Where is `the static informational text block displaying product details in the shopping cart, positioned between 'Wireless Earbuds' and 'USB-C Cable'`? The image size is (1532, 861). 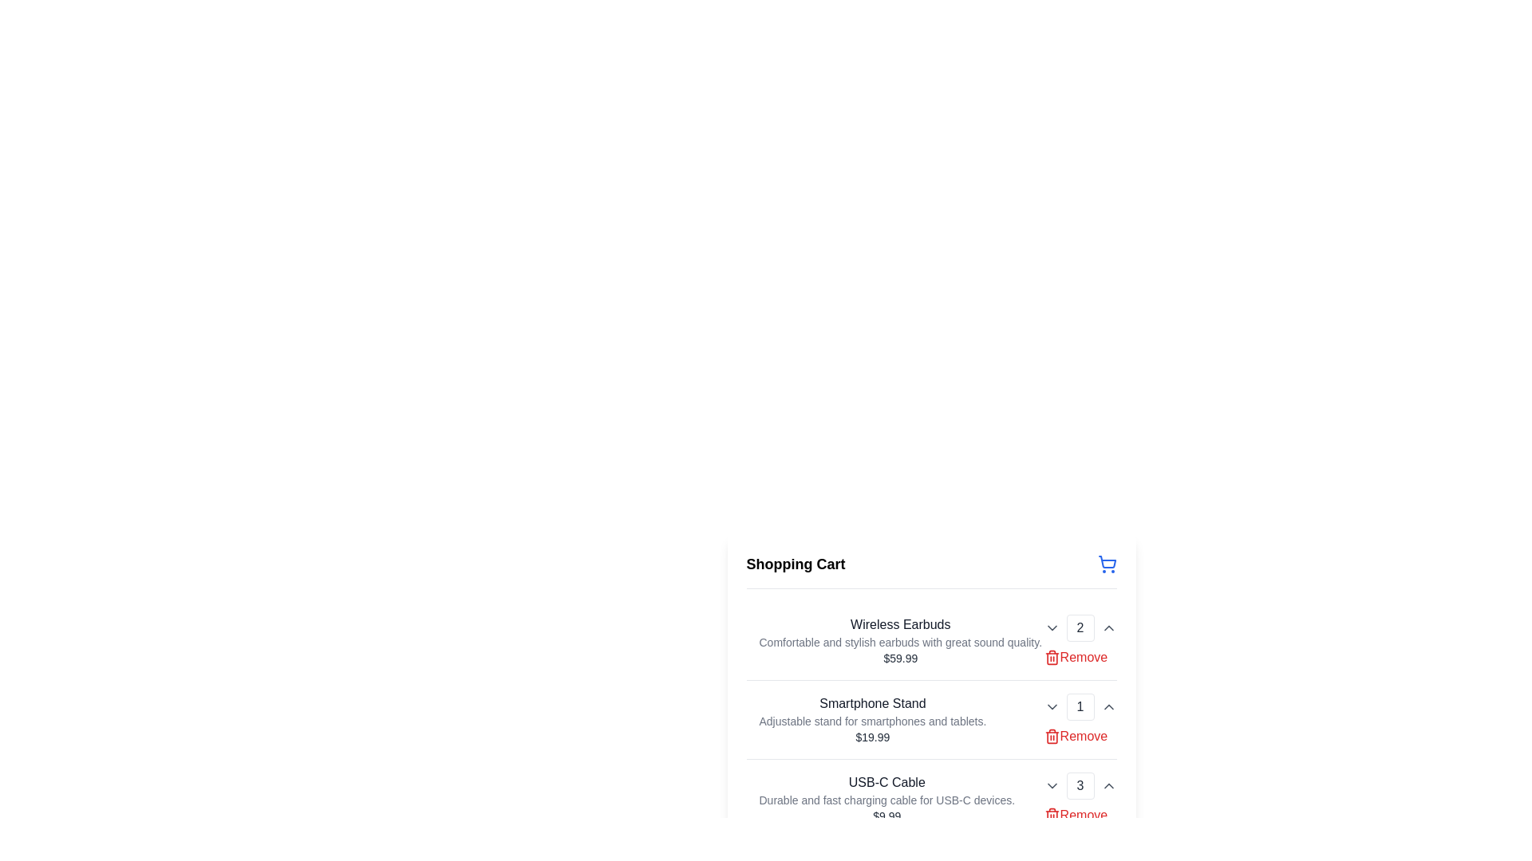 the static informational text block displaying product details in the shopping cart, positioned between 'Wireless Earbuds' and 'USB-C Cable' is located at coordinates (872, 719).